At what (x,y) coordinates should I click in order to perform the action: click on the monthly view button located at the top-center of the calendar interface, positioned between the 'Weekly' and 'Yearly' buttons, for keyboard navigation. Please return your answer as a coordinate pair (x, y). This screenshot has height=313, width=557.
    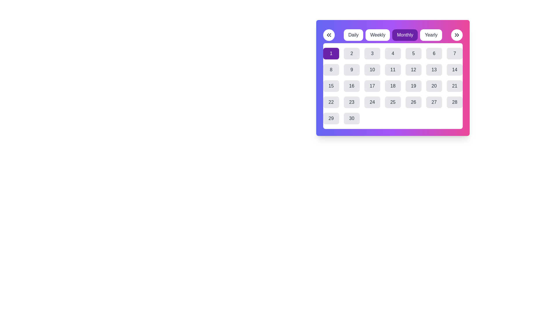
    Looking at the image, I should click on (405, 35).